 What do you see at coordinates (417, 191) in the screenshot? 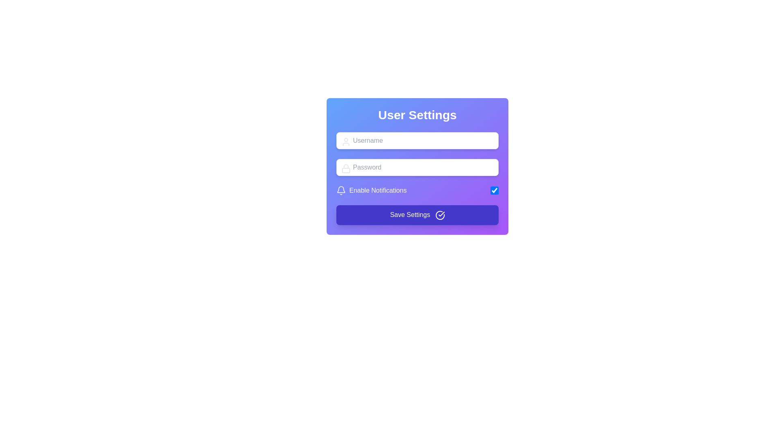
I see `the checkbox row for enabling or disabling notifications, located within the user settings form beneath 'Username' and 'Password' fields` at bounding box center [417, 191].